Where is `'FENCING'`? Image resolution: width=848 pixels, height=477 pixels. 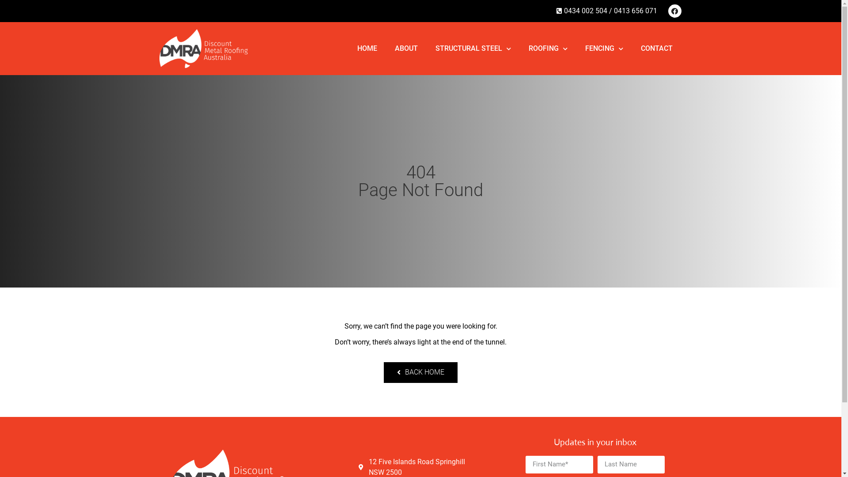
'FENCING' is located at coordinates (576, 49).